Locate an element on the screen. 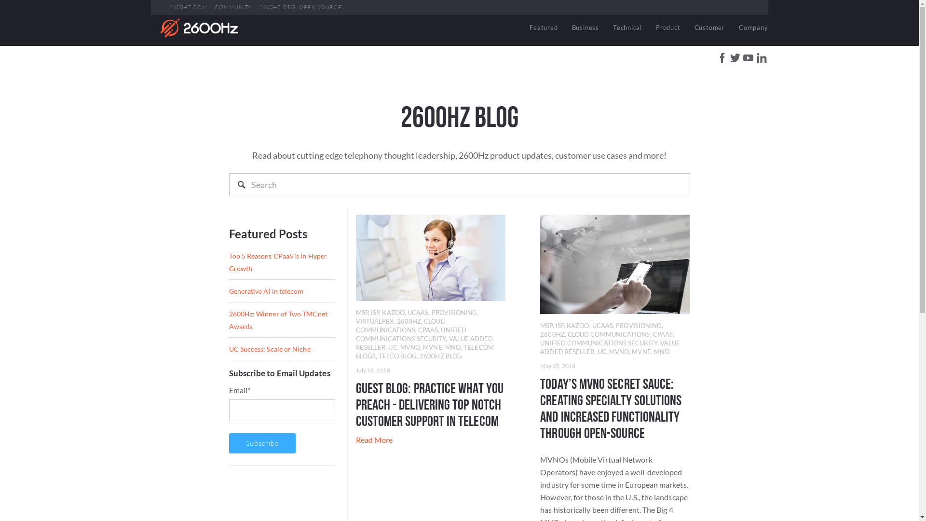 The width and height of the screenshot is (926, 521). 'PROVISIONING' is located at coordinates (615, 326).